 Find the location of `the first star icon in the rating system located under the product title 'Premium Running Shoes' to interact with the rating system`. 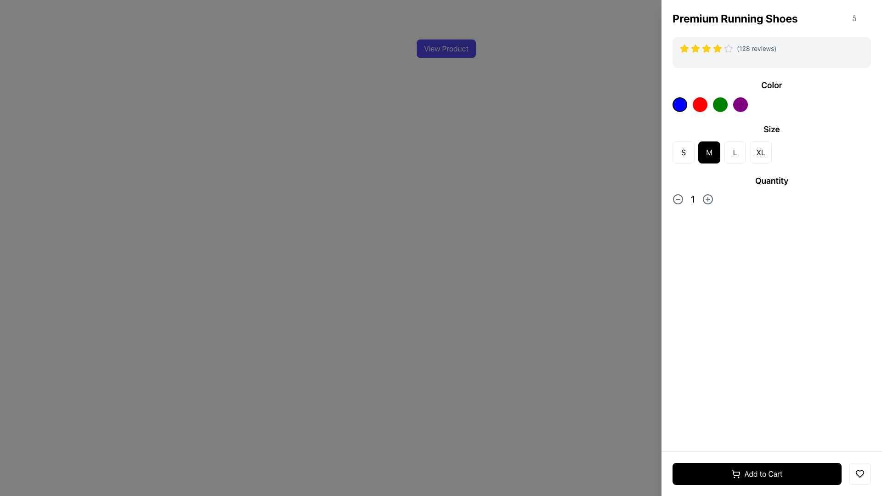

the first star icon in the rating system located under the product title 'Premium Running Shoes' to interact with the rating system is located at coordinates (684, 48).